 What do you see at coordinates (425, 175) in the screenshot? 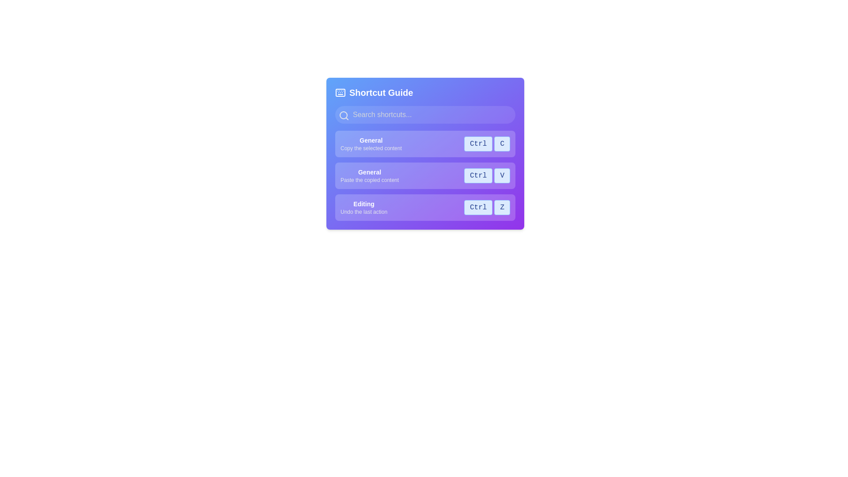
I see `the associated keyboard keys for the 'Paste the copied content' shortcut, which is located in the middle of a vertical list of shortcut items` at bounding box center [425, 175].